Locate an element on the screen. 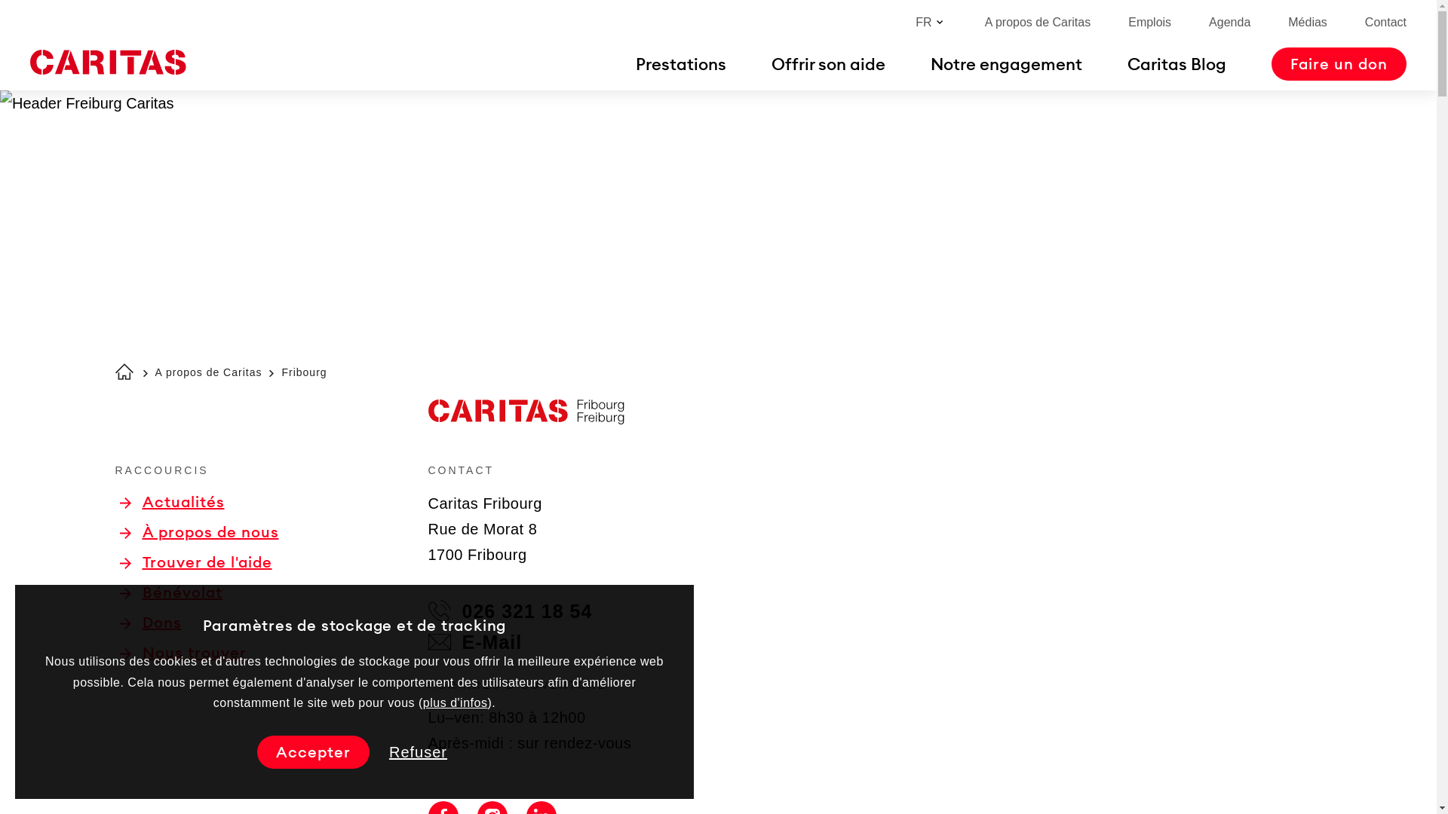 The width and height of the screenshot is (1448, 814). 'Caritas Blog' is located at coordinates (1176, 63).